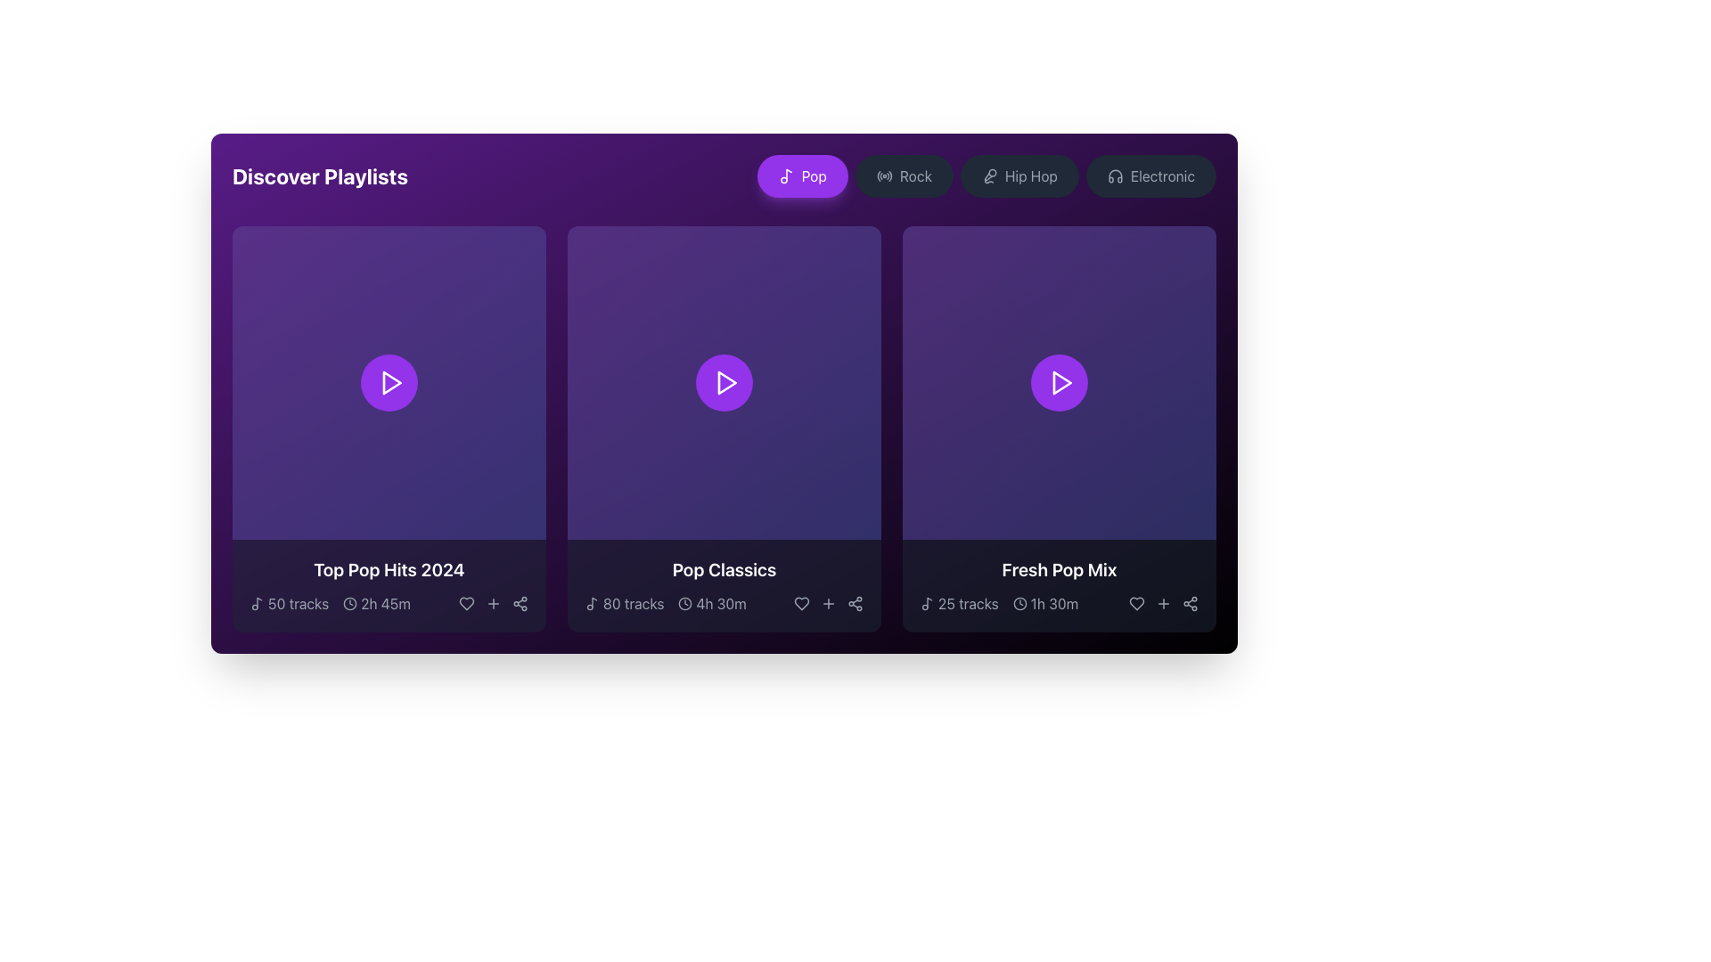  Describe the element at coordinates (1054, 603) in the screenshot. I see `text displayed in the duration label for the 'Fresh Pop Mix' playlist, which shows the total time required to play the tracks` at that location.